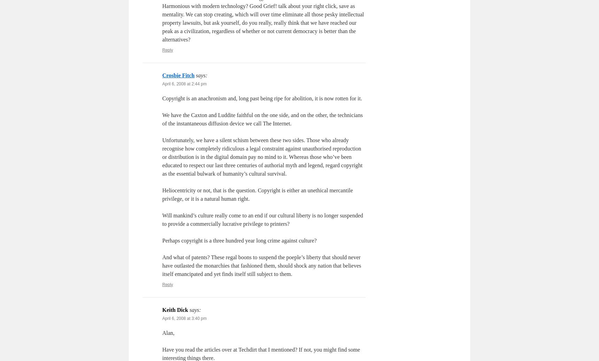 The width and height of the screenshot is (599, 361). What do you see at coordinates (239, 240) in the screenshot?
I see `'Perhaps copyright is a three hundred year long crime against culture?'` at bounding box center [239, 240].